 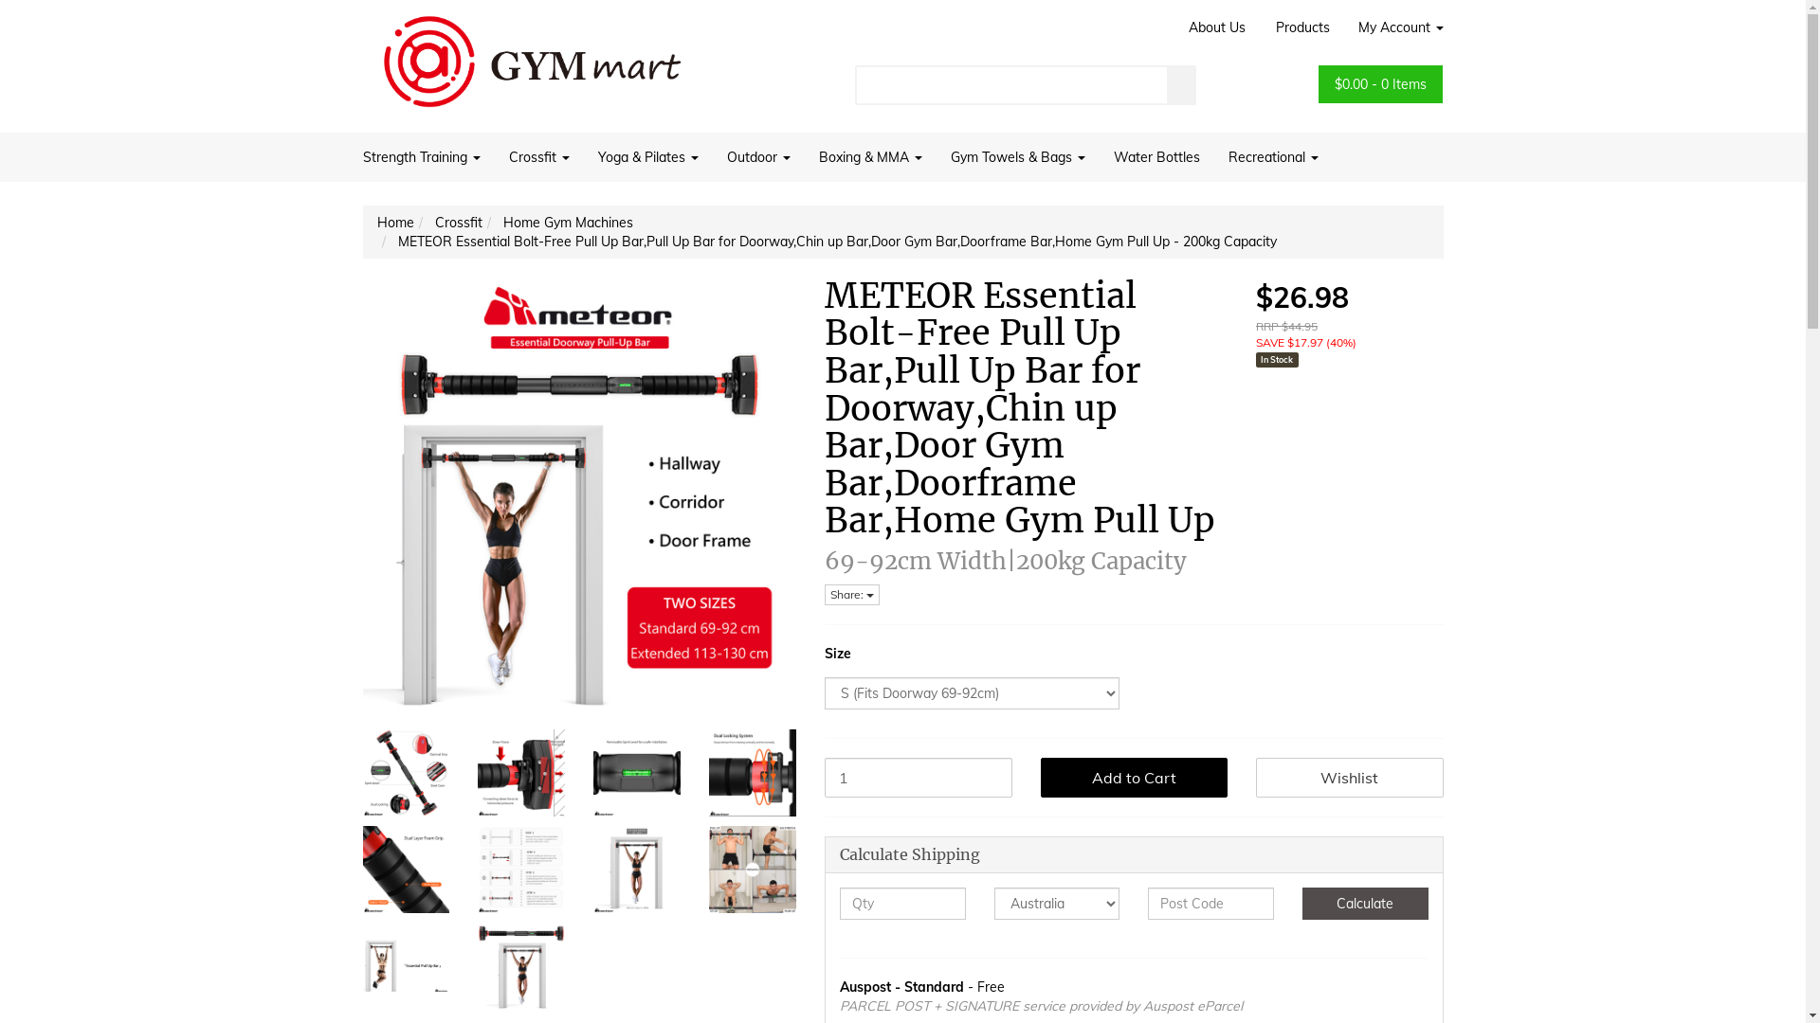 What do you see at coordinates (1393, 27) in the screenshot?
I see `'My Account'` at bounding box center [1393, 27].